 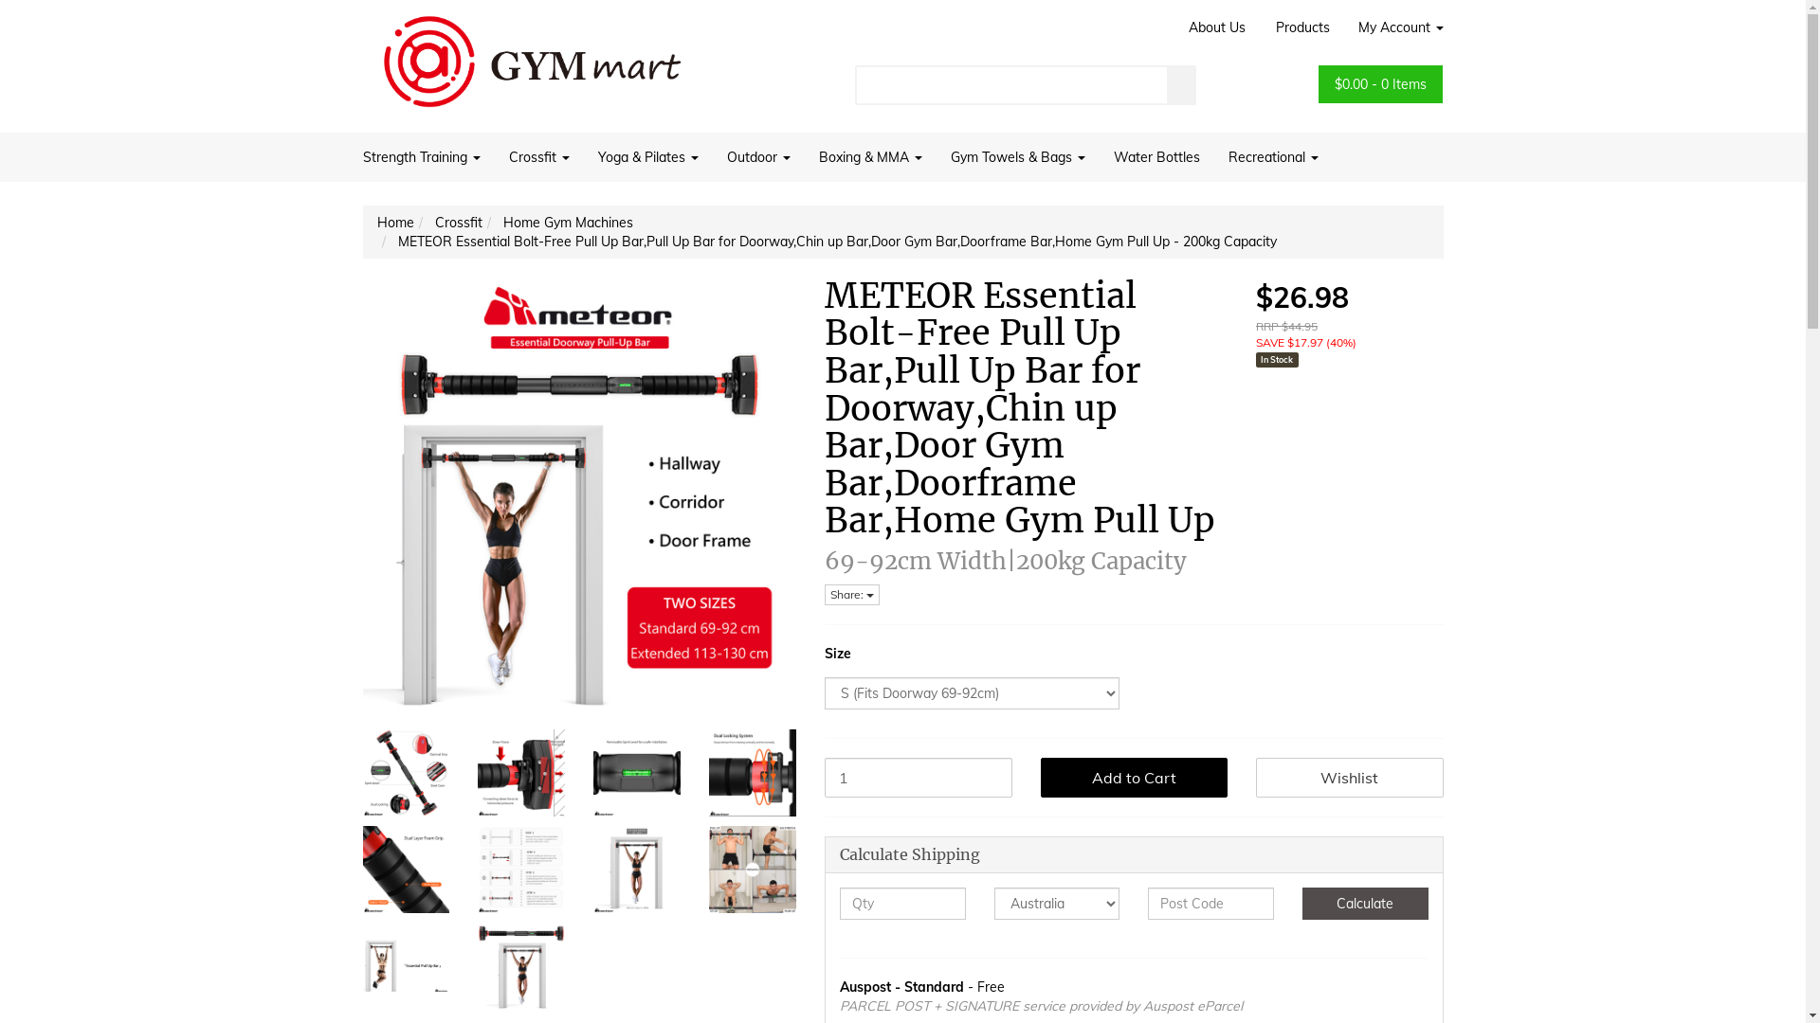 What do you see at coordinates (1393, 27) in the screenshot?
I see `'My Account'` at bounding box center [1393, 27].